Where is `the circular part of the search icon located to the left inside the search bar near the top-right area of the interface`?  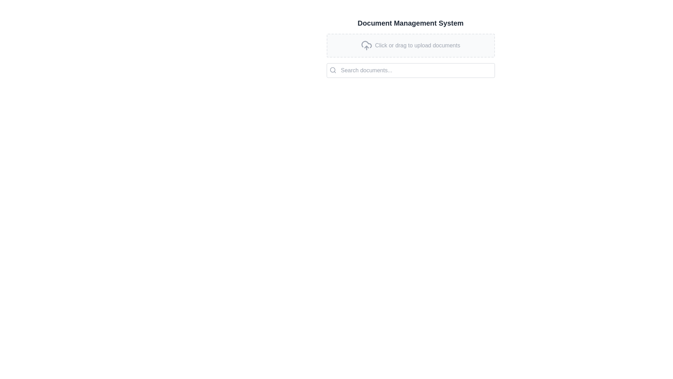
the circular part of the search icon located to the left inside the search bar near the top-right area of the interface is located at coordinates (332, 70).